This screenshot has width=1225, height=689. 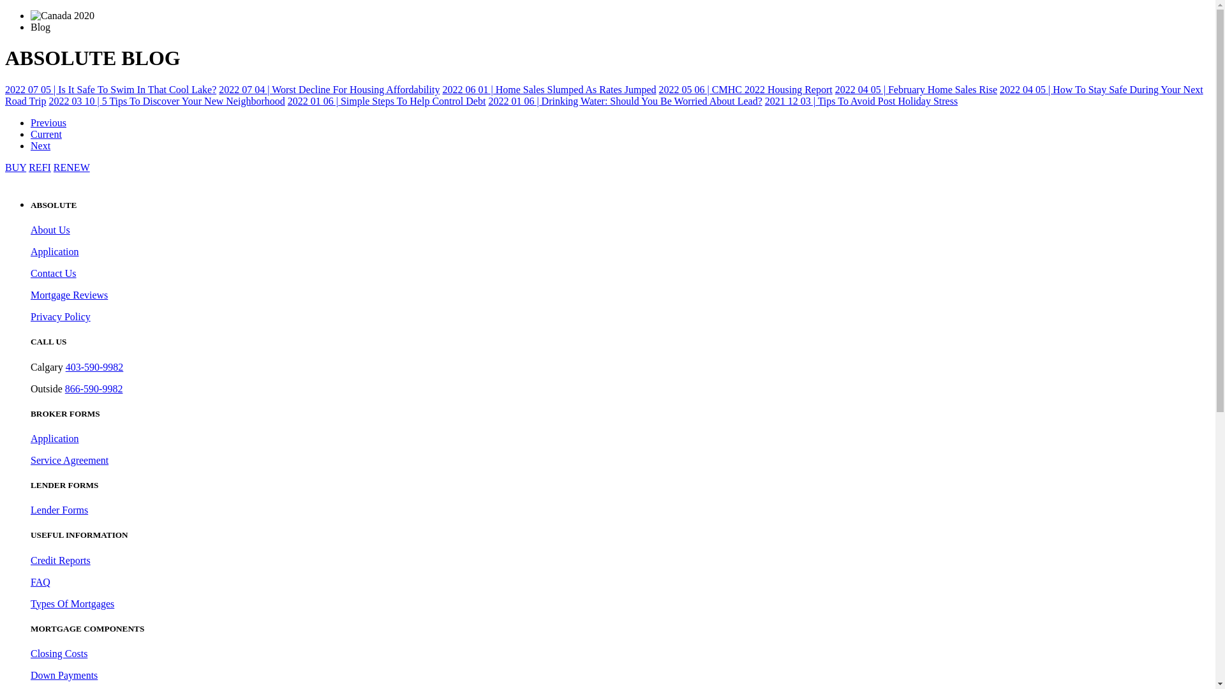 I want to click on 'REFI', so click(x=40, y=167).